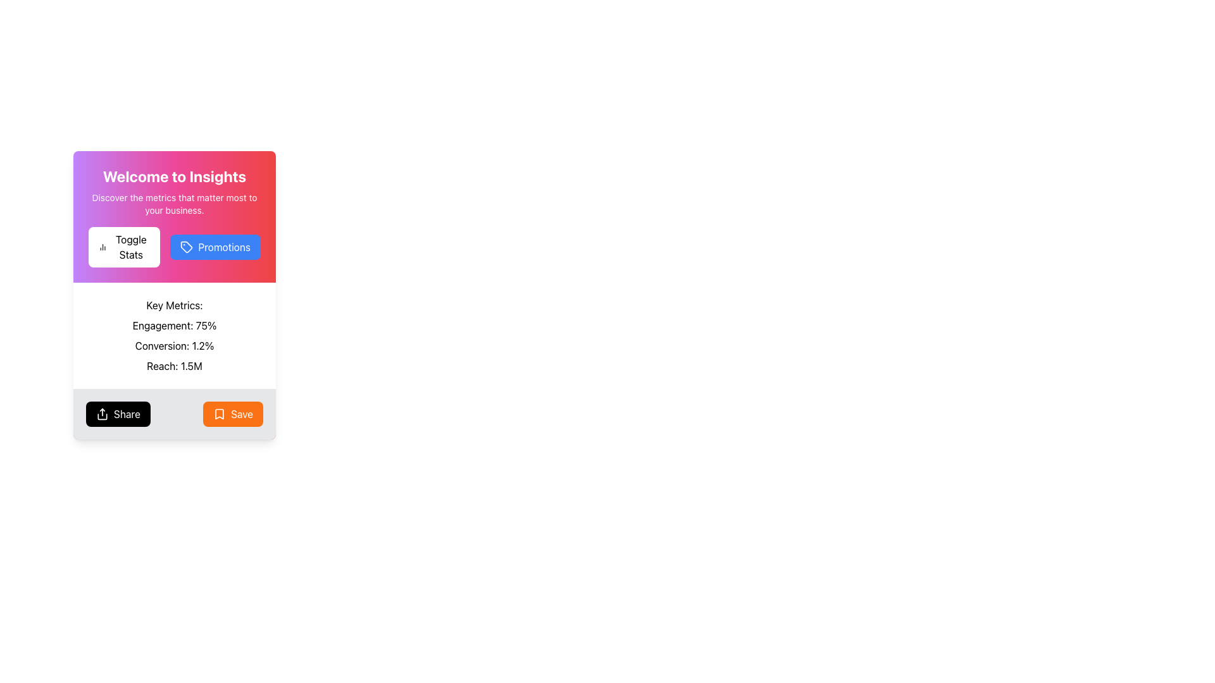  What do you see at coordinates (186, 247) in the screenshot?
I see `the decorative promotions icon located to the left of the Promotions button in the top section of the card interface` at bounding box center [186, 247].